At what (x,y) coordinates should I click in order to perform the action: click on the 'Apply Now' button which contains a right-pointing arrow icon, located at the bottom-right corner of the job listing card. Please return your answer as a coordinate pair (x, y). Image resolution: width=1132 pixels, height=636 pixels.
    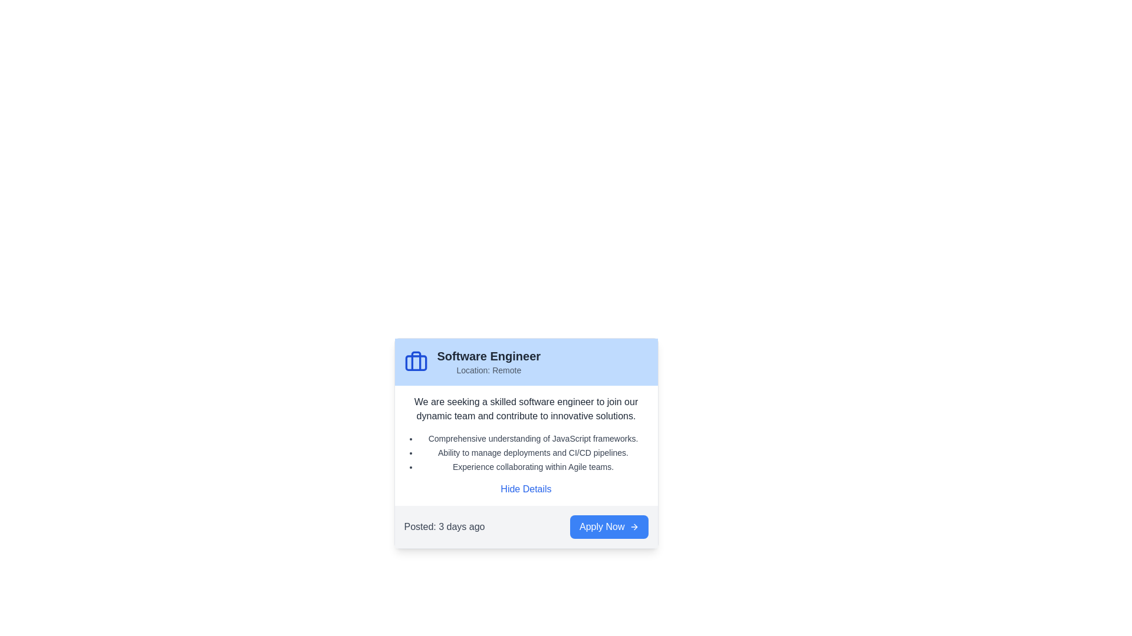
    Looking at the image, I should click on (633, 526).